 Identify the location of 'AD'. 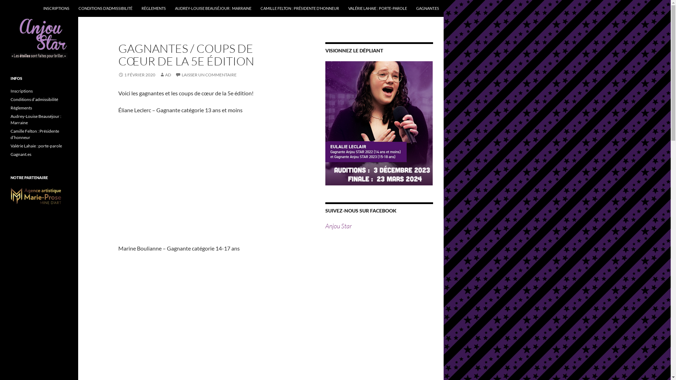
(165, 75).